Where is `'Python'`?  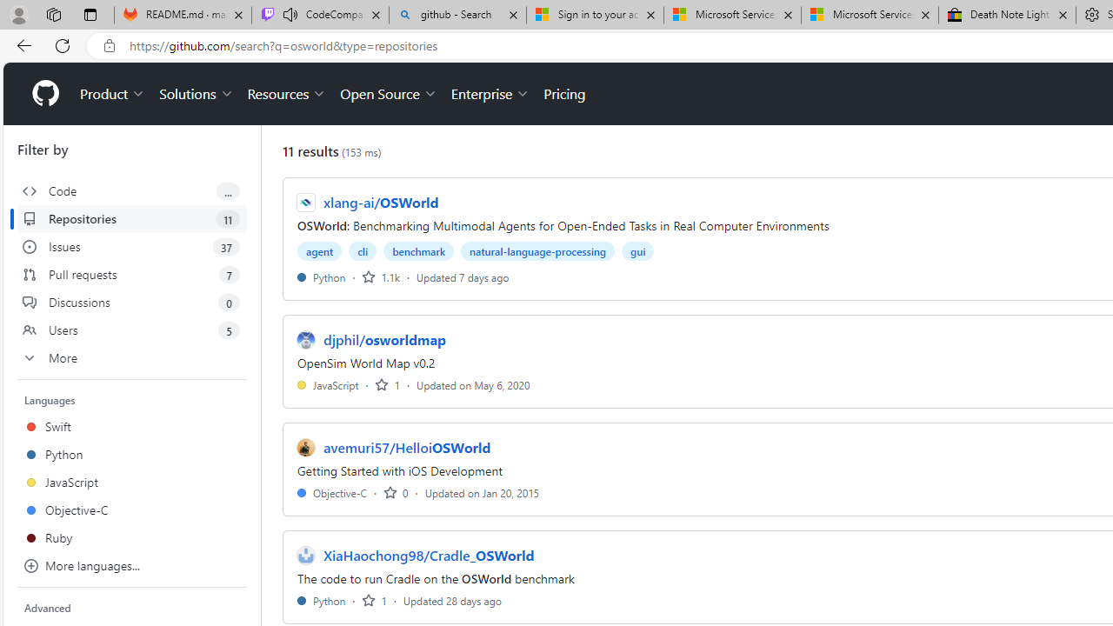 'Python' is located at coordinates (321, 599).